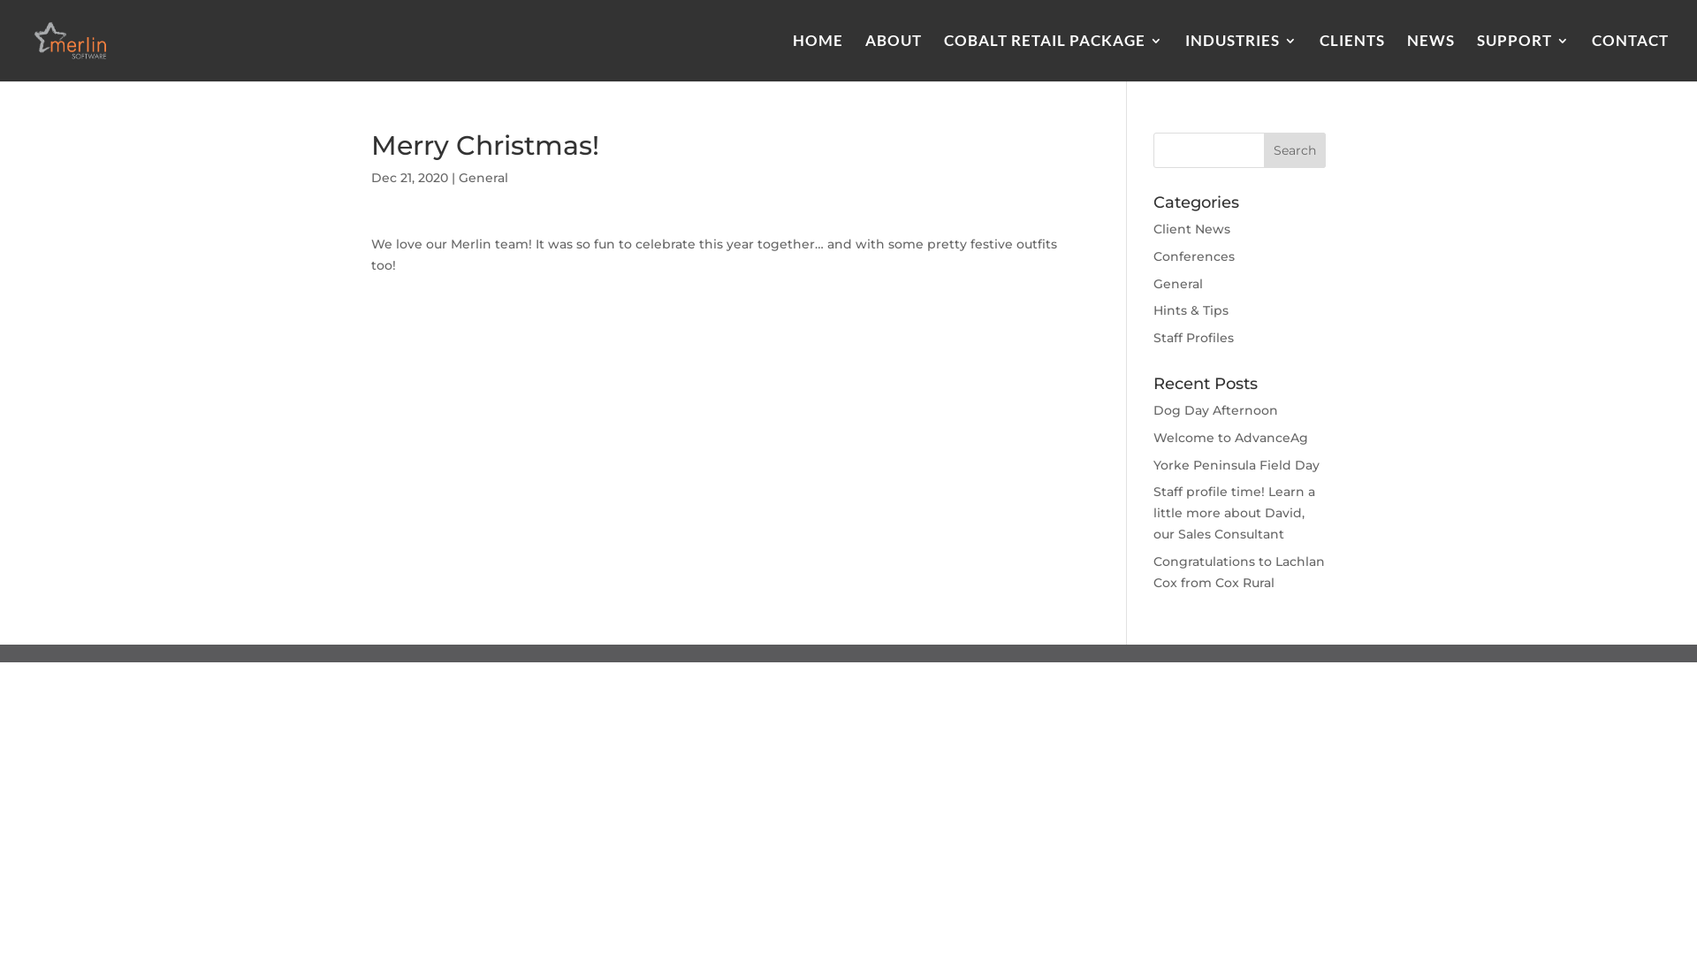 The width and height of the screenshot is (1697, 955). What do you see at coordinates (1294, 149) in the screenshot?
I see `'Search'` at bounding box center [1294, 149].